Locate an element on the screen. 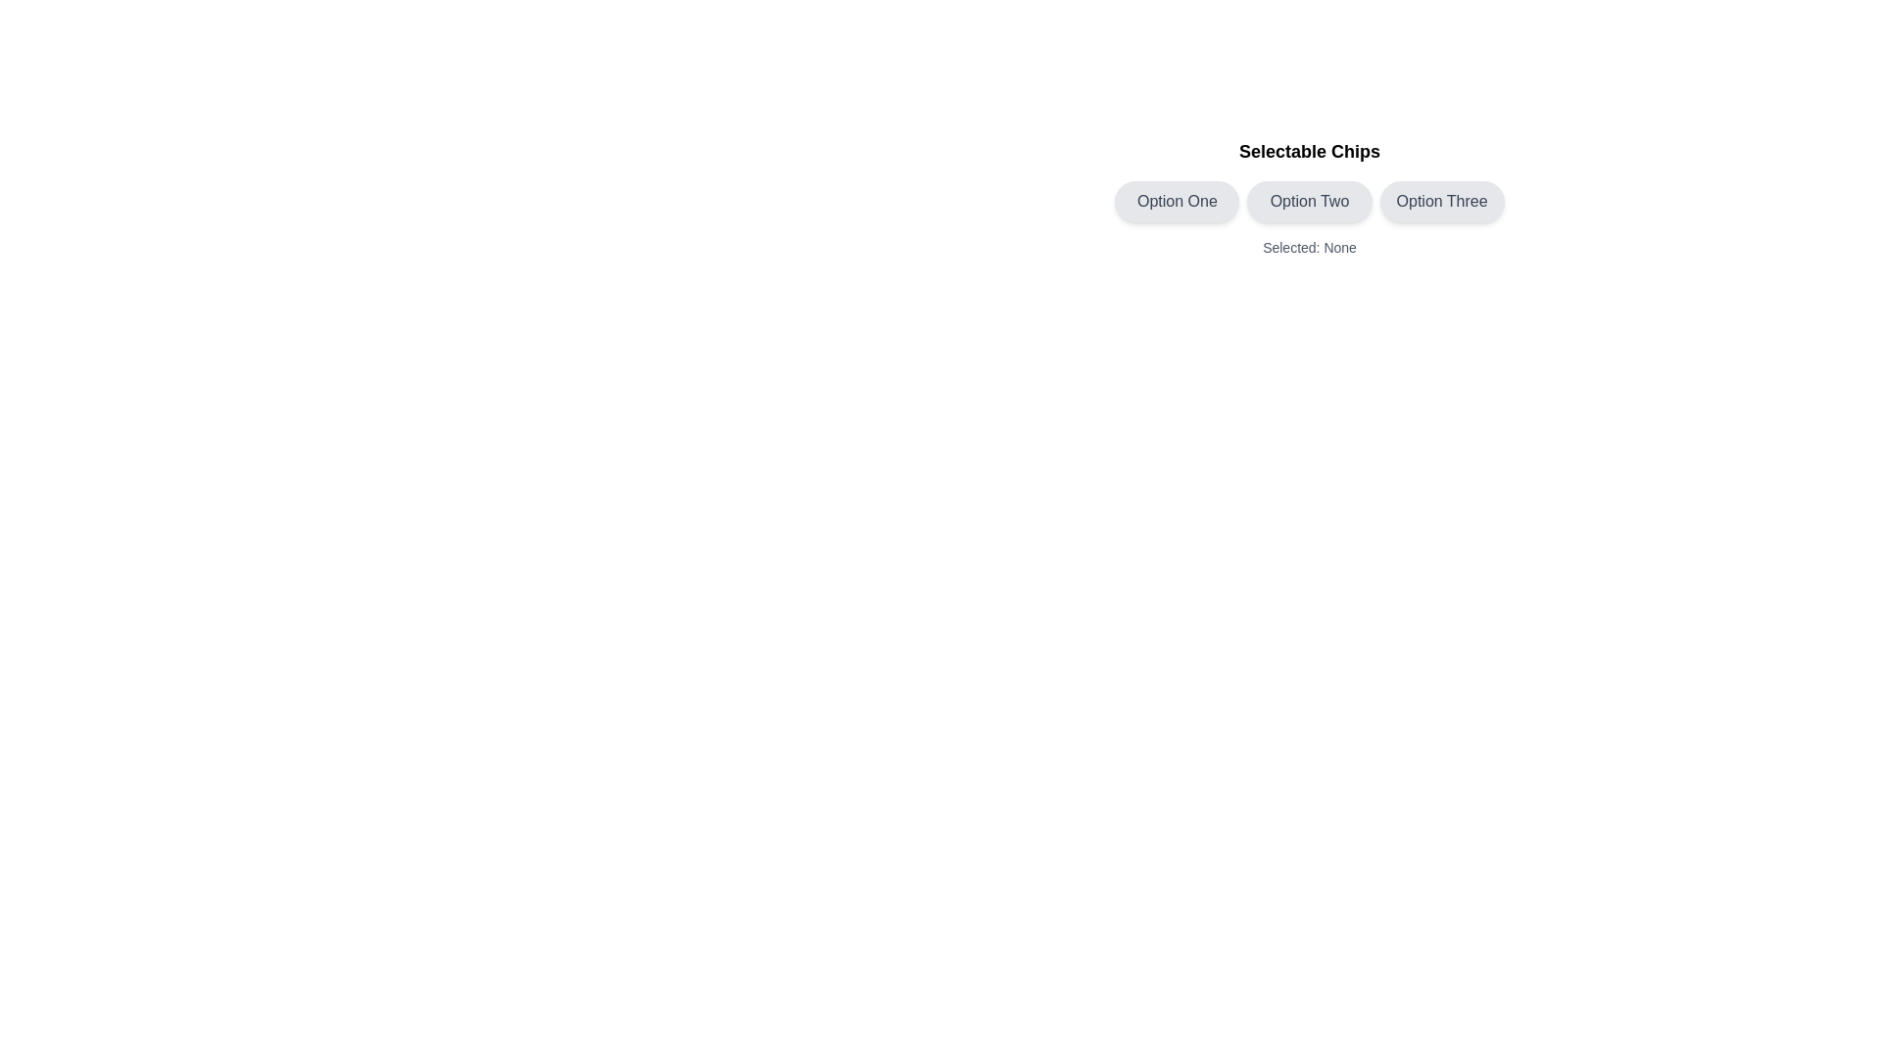  the 'Option One' button, which is a light gray pill-shaped button with dark gray text, located under the header 'Selectable Chips' is located at coordinates (1176, 201).